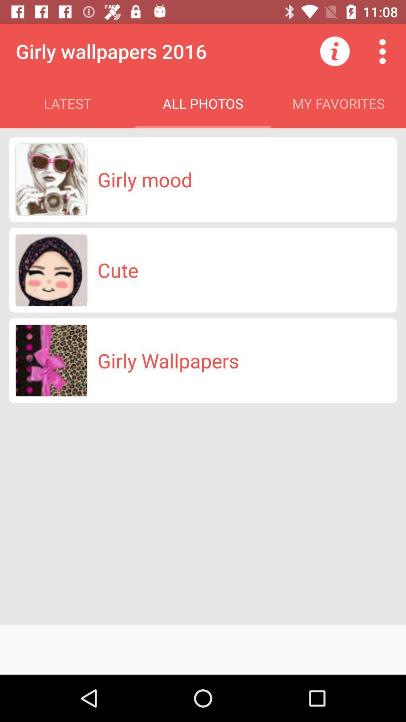  What do you see at coordinates (145, 179) in the screenshot?
I see `the girly mood` at bounding box center [145, 179].